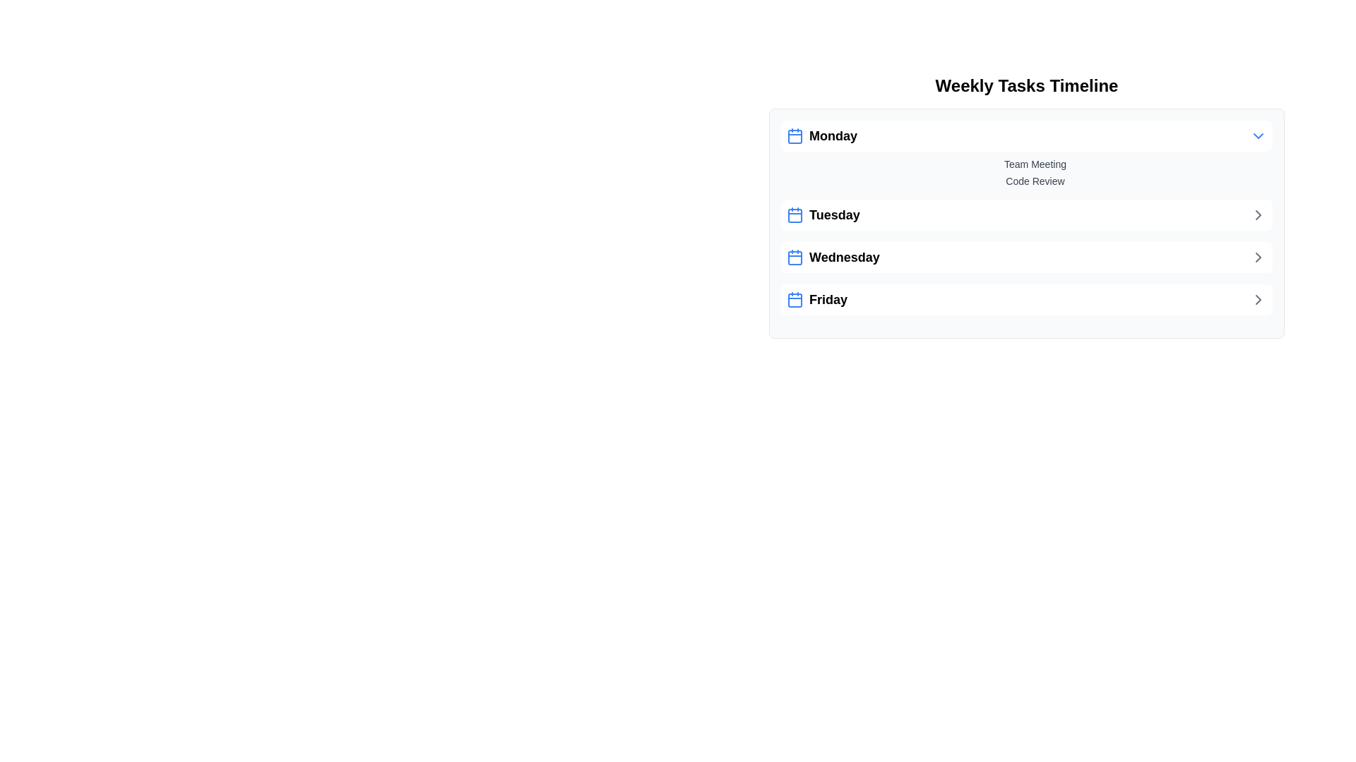 The height and width of the screenshot is (762, 1356). What do you see at coordinates (795, 135) in the screenshot?
I see `the calendar icon representing 'Monday' in the weekly task timeline, located at the top-left of the 'Monday' list item` at bounding box center [795, 135].